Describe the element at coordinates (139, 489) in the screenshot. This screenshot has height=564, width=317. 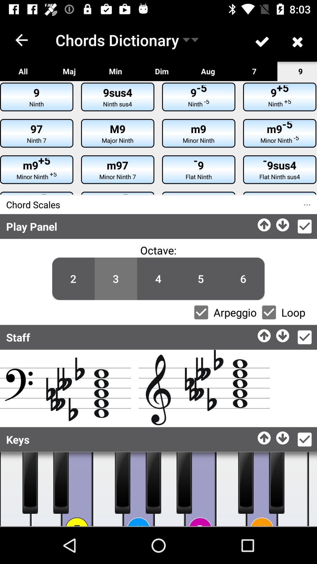
I see `the pino button` at that location.